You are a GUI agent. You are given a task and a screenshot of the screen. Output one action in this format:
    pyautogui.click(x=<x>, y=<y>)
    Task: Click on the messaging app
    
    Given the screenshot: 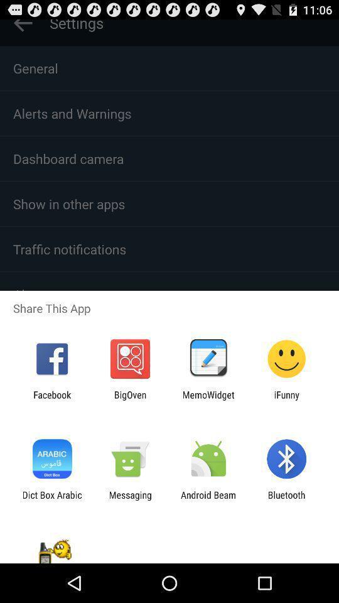 What is the action you would take?
    pyautogui.click(x=129, y=500)
    